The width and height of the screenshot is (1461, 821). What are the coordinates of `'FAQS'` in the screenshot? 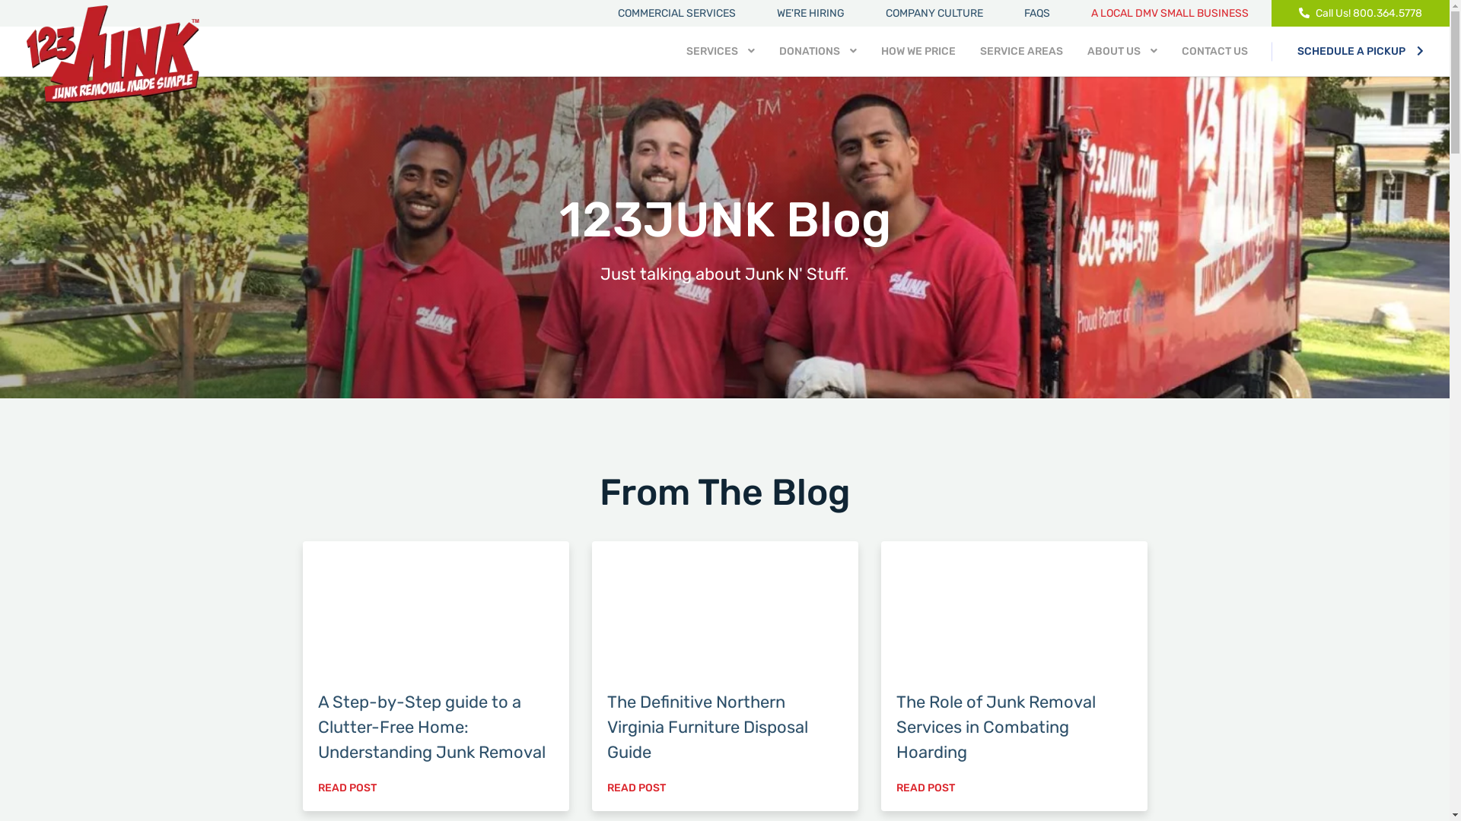 It's located at (1036, 13).